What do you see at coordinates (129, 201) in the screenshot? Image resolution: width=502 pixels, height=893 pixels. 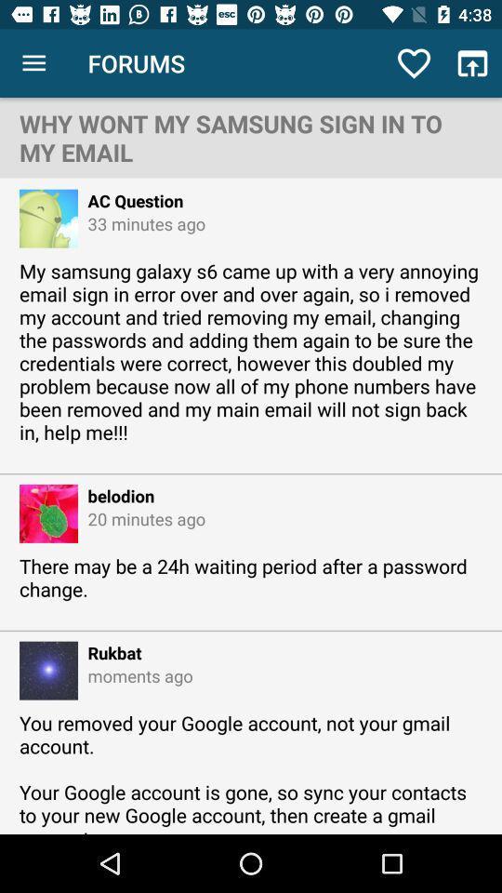 I see `icon below the why wont my` at bounding box center [129, 201].